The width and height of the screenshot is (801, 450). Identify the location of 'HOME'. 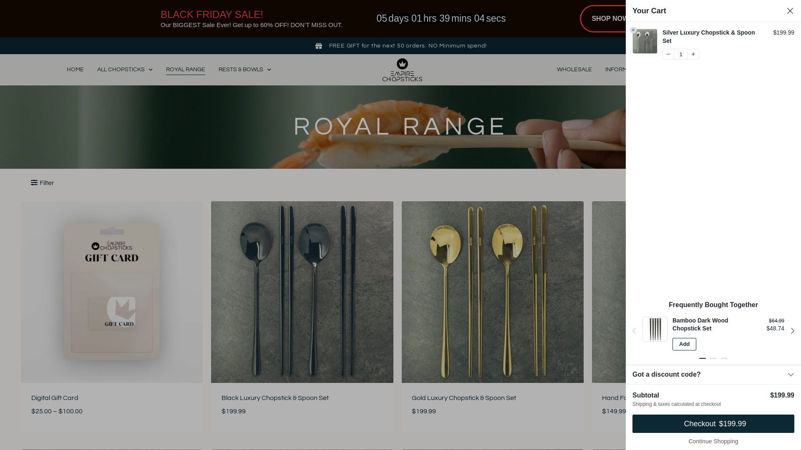
(66, 69).